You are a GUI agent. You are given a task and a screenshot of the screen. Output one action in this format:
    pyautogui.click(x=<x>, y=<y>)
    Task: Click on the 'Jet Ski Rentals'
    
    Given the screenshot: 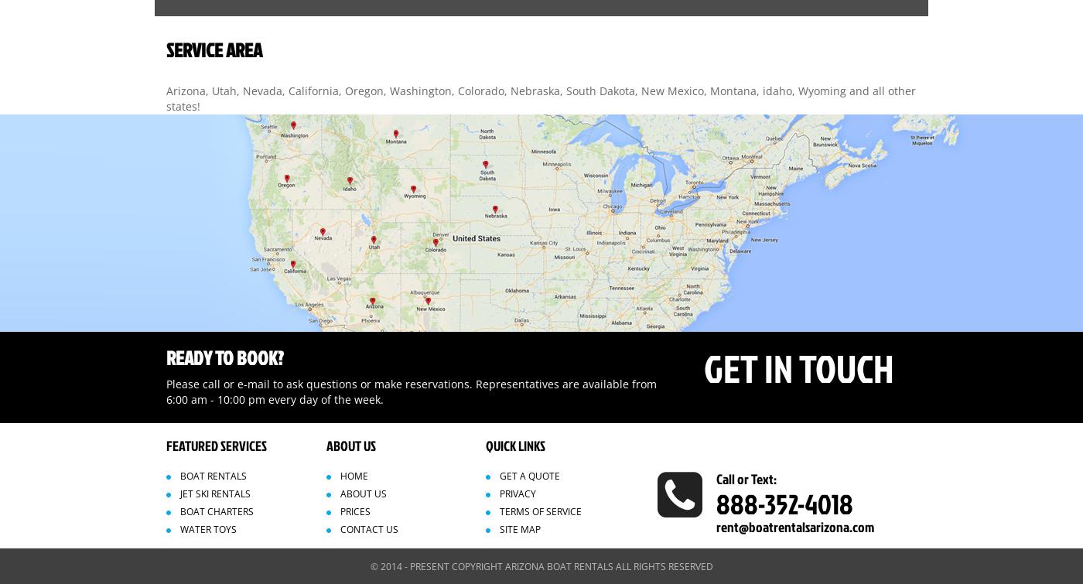 What is the action you would take?
    pyautogui.click(x=215, y=492)
    